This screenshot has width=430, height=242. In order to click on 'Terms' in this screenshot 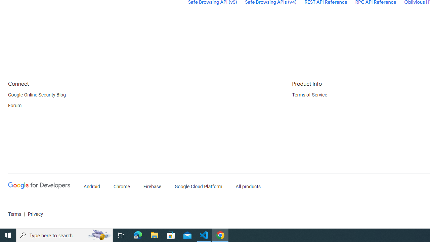, I will do `click(15, 214)`.